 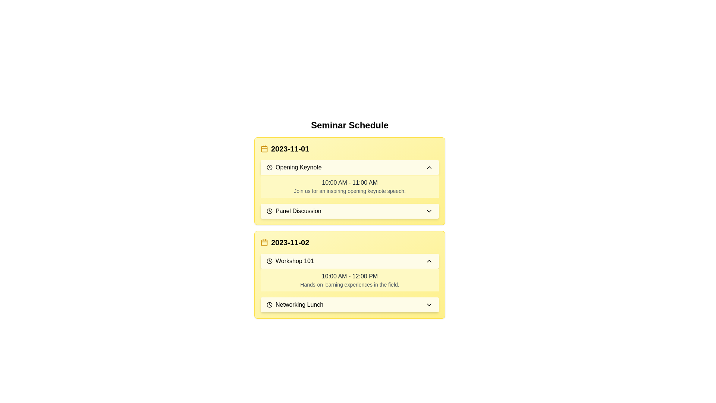 What do you see at coordinates (349, 191) in the screenshot?
I see `the static text that reads 'Join us for an inspiring opening keynote speech.' located under the time range '10:00 AM - 11:00 AM' in the 'Opening Keynote' section of the '2023-11-01' schedule` at bounding box center [349, 191].